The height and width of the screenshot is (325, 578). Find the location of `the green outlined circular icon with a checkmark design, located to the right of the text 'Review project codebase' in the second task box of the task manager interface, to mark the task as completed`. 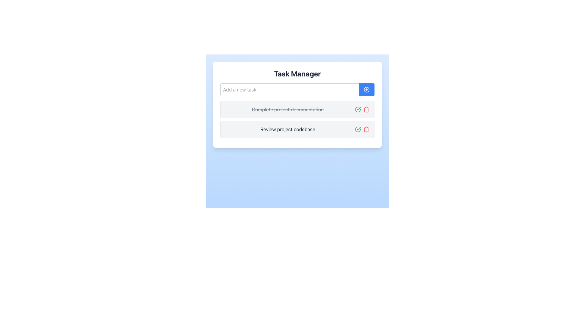

the green outlined circular icon with a checkmark design, located to the right of the text 'Review project codebase' in the second task box of the task manager interface, to mark the task as completed is located at coordinates (358, 129).